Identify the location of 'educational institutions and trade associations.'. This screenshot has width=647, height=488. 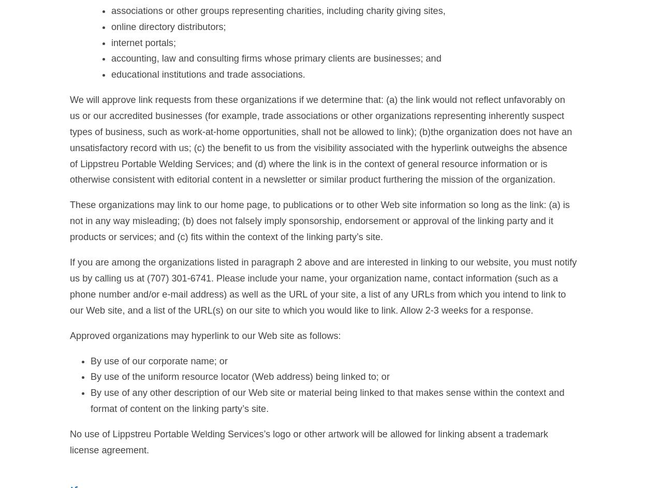
(208, 74).